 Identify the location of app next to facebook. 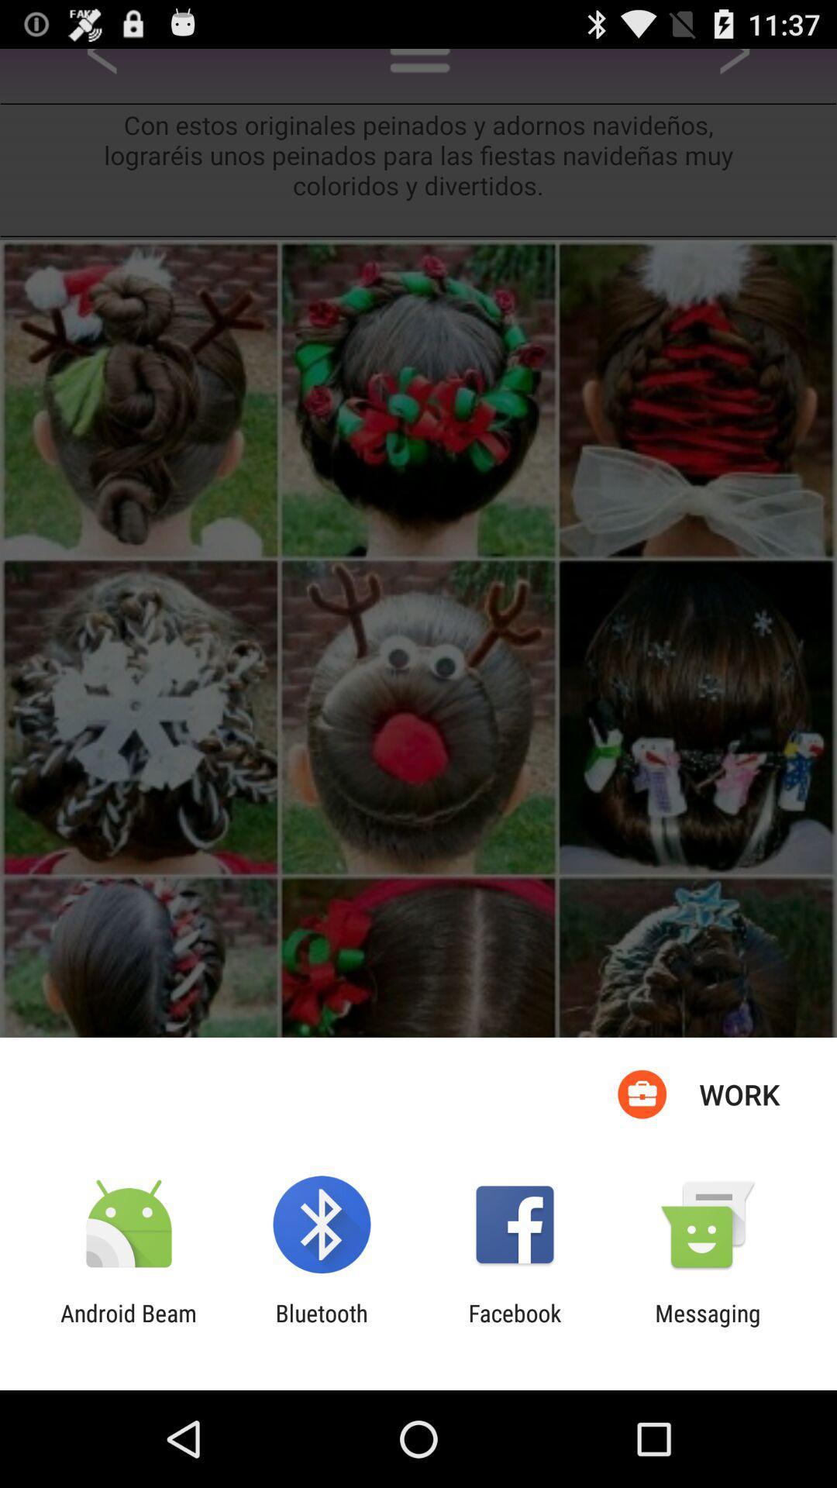
(321, 1326).